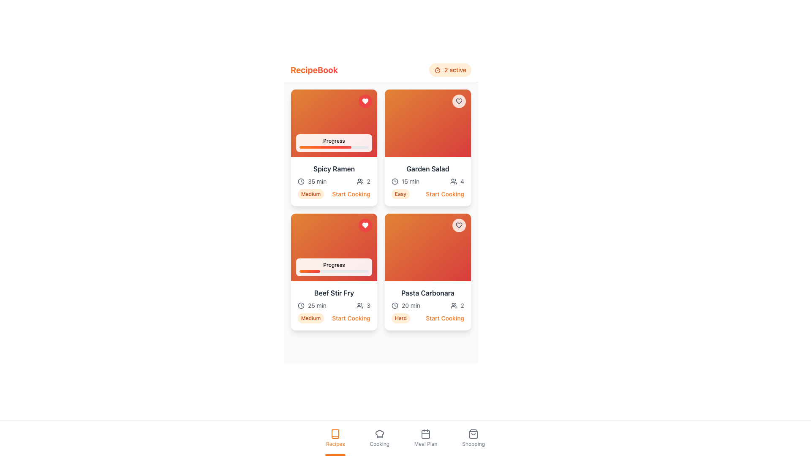  I want to click on the decorative visual header of the 'Garden Salad' card, which features a gradient background from orange to red and includes a small circular button at the top right corner, so click(427, 123).